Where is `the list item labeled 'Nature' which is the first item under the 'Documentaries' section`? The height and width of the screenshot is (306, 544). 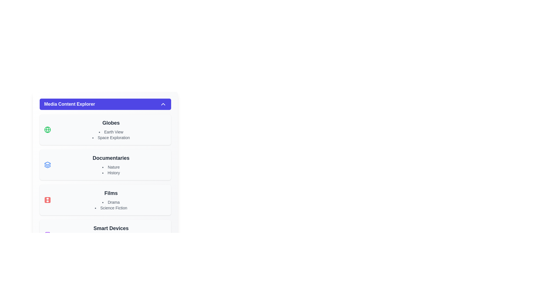
the list item labeled 'Nature' which is the first item under the 'Documentaries' section is located at coordinates (111, 167).